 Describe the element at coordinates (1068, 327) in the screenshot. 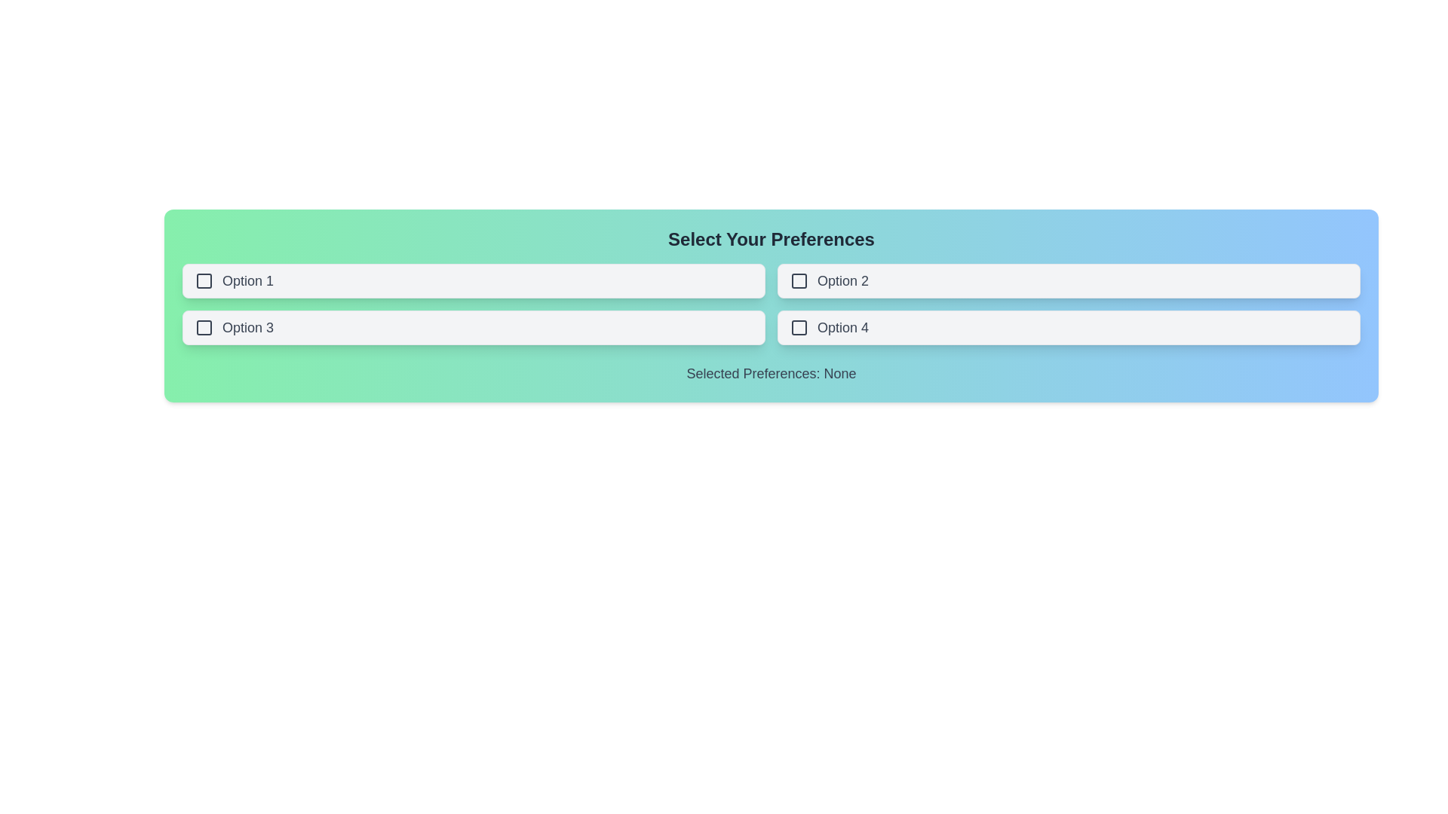

I see `the button labeled Option 4 to observe the hover state change` at that location.